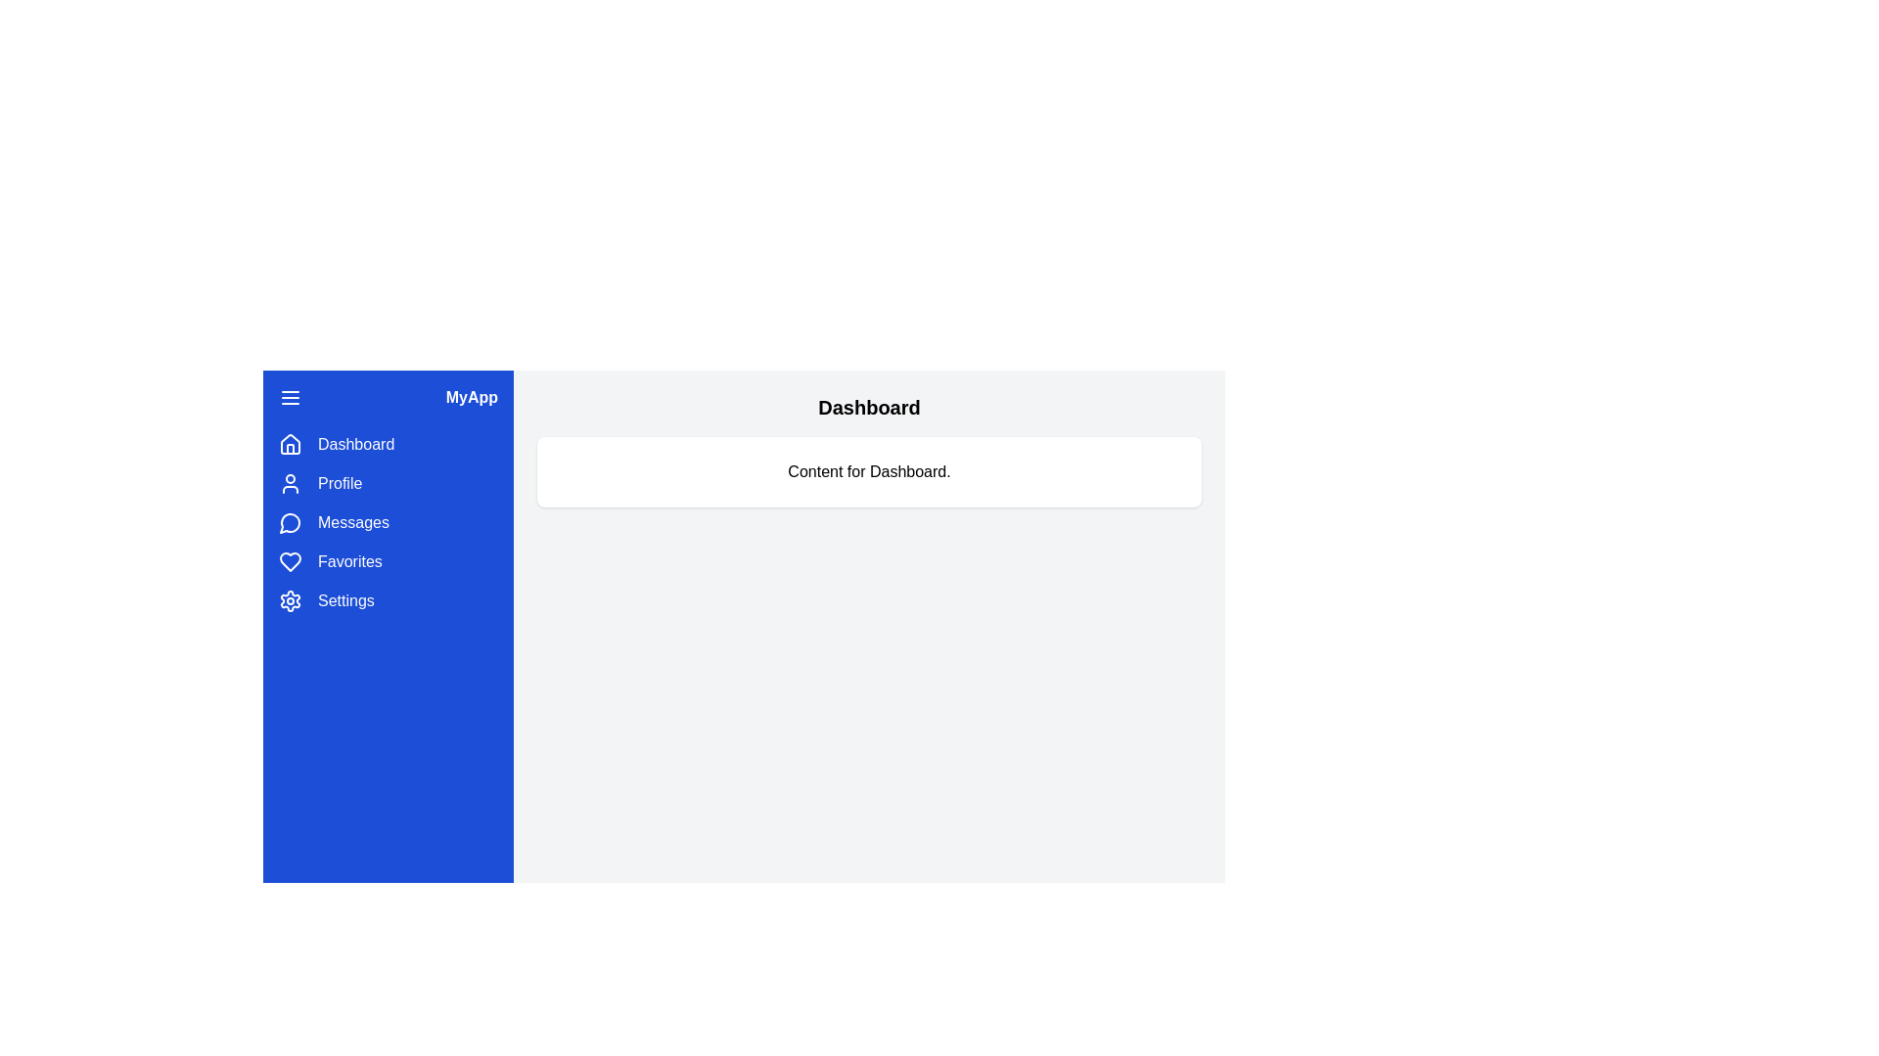 This screenshot has height=1056, width=1879. I want to click on the upper portion of the house-shaped icon representing the 'Dashboard' option in the navigation menu, so click(290, 444).